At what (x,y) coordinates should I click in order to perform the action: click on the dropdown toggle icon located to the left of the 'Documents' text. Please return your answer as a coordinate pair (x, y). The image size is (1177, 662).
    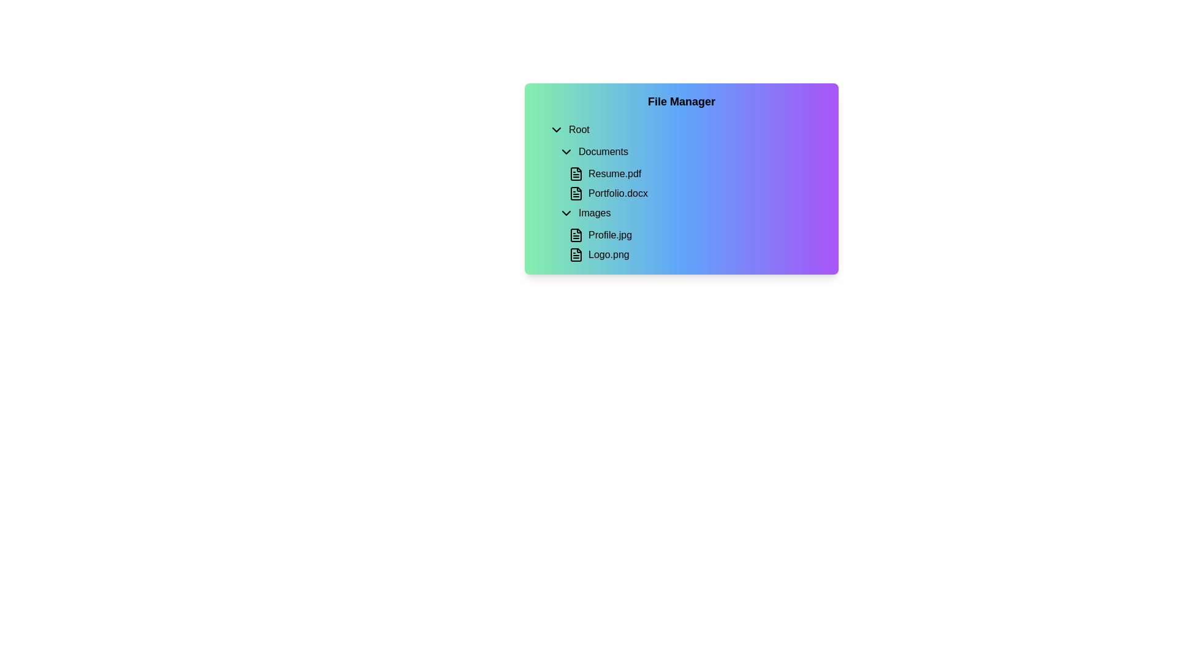
    Looking at the image, I should click on (566, 151).